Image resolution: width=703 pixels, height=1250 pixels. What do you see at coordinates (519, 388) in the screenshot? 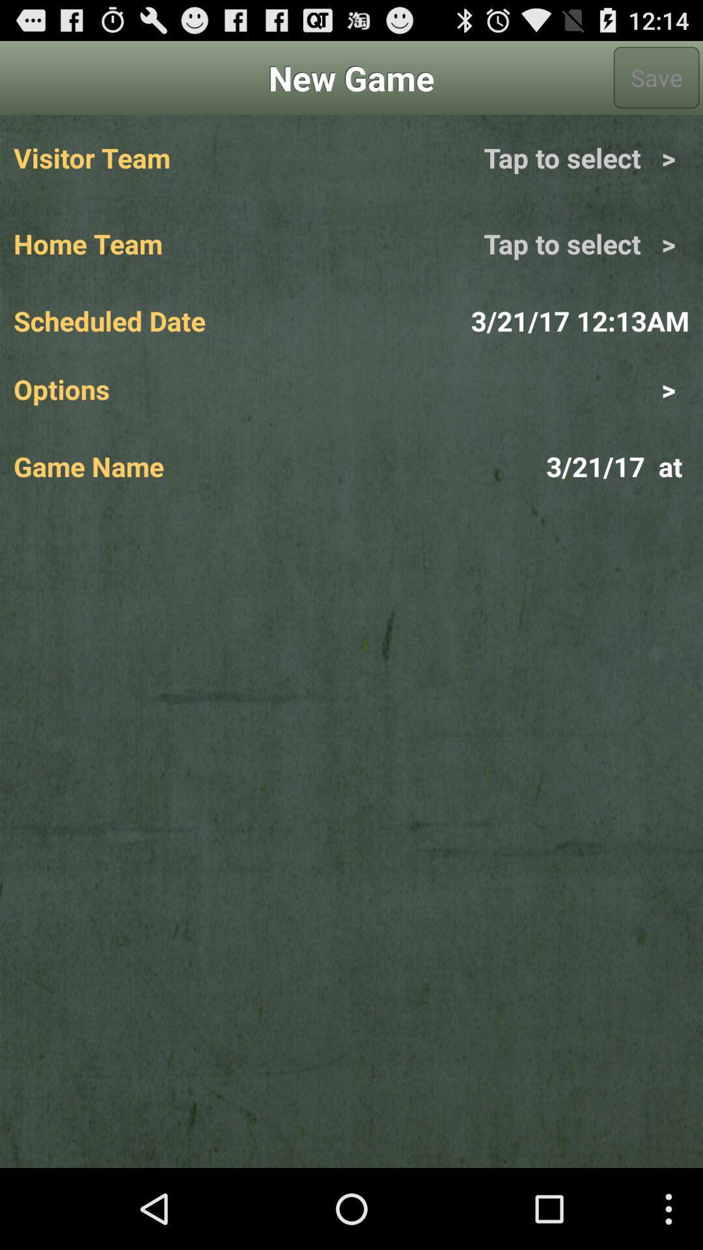
I see `the app to the right of the options item` at bounding box center [519, 388].